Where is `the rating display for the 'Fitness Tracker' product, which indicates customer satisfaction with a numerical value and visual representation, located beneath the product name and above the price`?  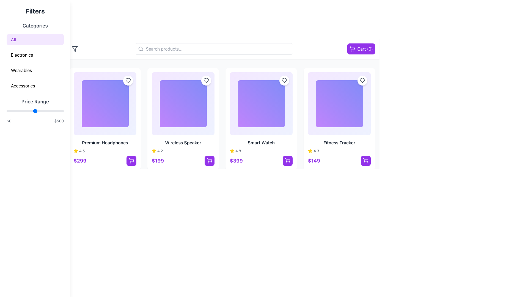 the rating display for the 'Fitness Tracker' product, which indicates customer satisfaction with a numerical value and visual representation, located beneath the product name and above the price is located at coordinates (339, 151).